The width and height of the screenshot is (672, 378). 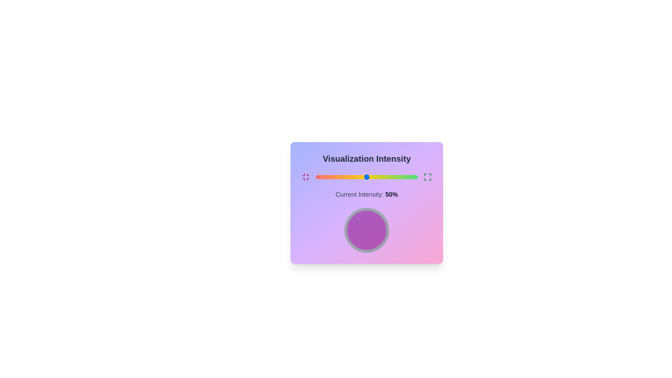 What do you see at coordinates (378, 176) in the screenshot?
I see `the slider to set the intensity to 61%` at bounding box center [378, 176].